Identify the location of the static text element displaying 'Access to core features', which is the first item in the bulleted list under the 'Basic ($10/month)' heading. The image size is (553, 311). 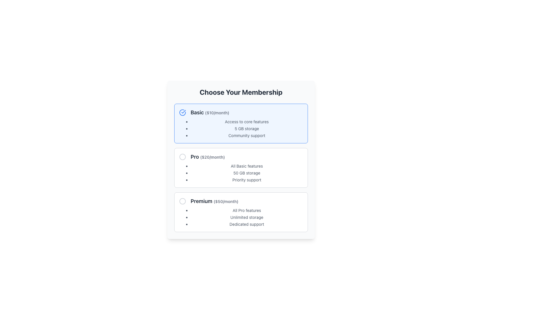
(247, 122).